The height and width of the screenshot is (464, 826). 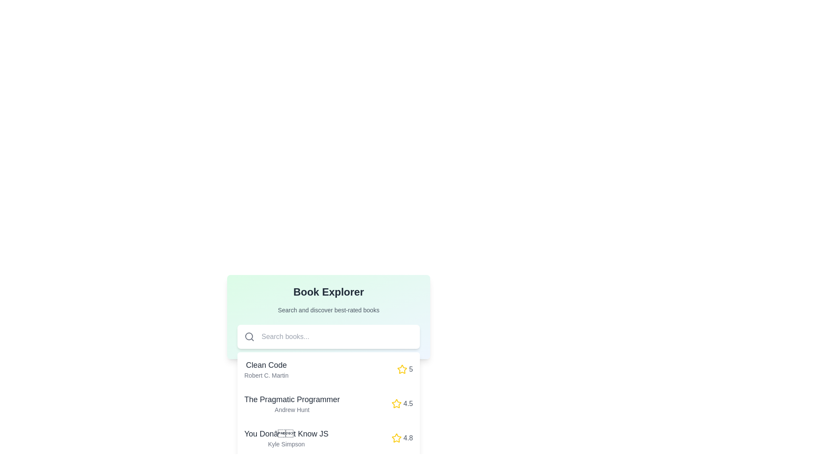 What do you see at coordinates (292, 409) in the screenshot?
I see `the static text label displaying the author's name 'Andrew Hunt', which is styled in a smaller font size and light gray color, located directly below the book title 'The Pragmatic Programmer'` at bounding box center [292, 409].